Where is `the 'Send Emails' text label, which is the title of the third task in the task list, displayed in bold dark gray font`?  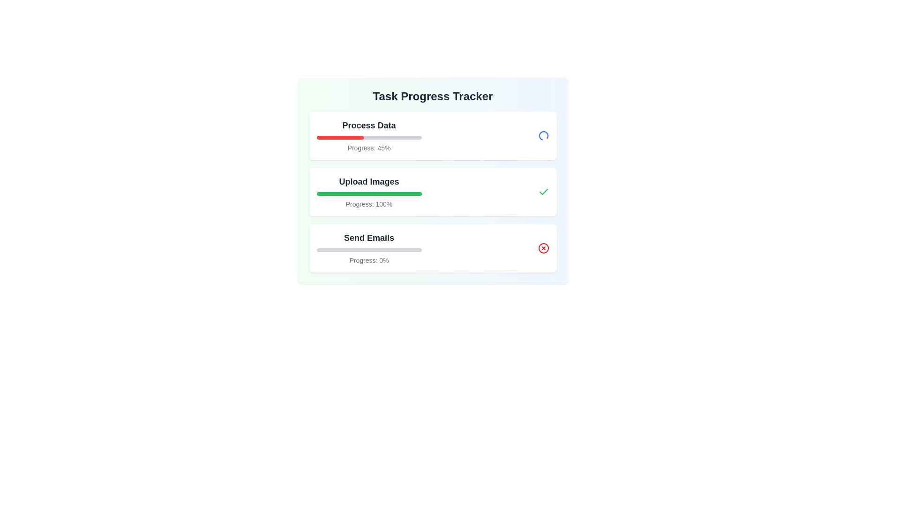 the 'Send Emails' text label, which is the title of the third task in the task list, displayed in bold dark gray font is located at coordinates (368, 238).